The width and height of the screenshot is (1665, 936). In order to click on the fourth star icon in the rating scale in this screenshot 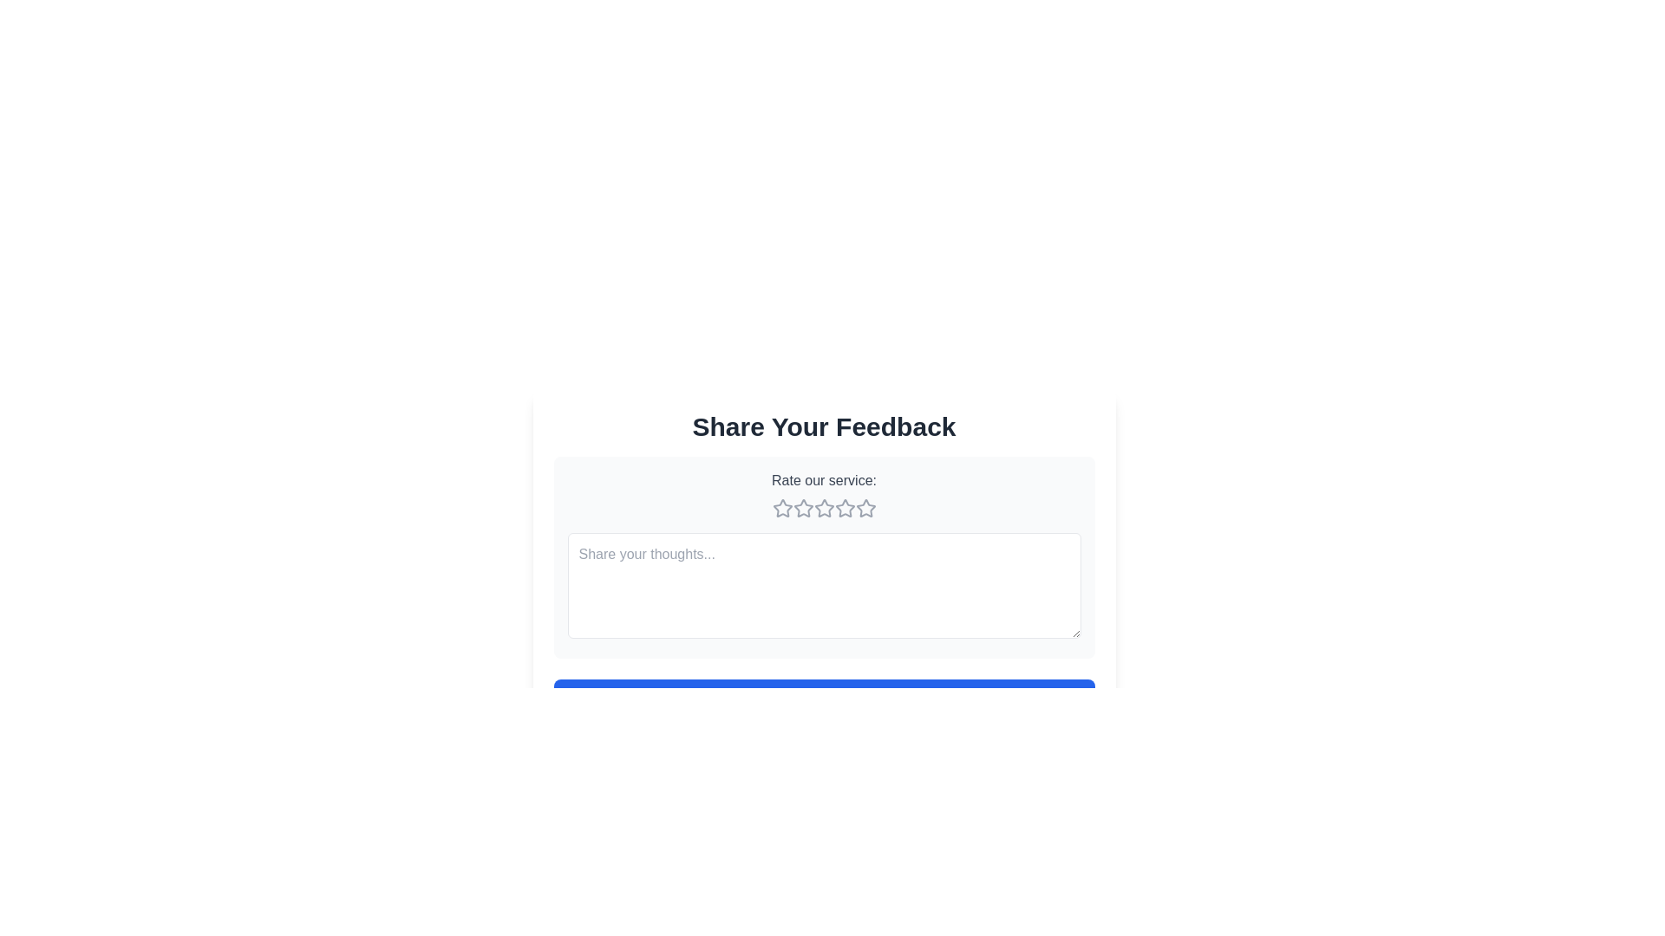, I will do `click(845, 507)`.